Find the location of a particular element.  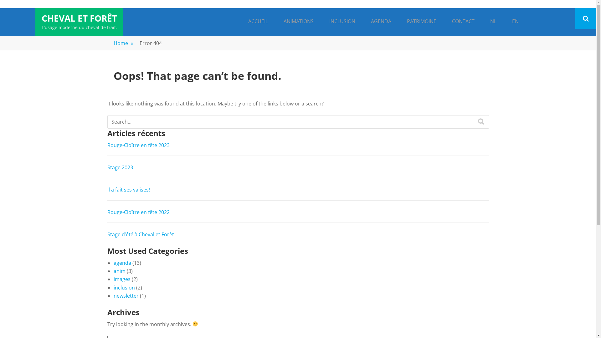

'images' is located at coordinates (121, 279).